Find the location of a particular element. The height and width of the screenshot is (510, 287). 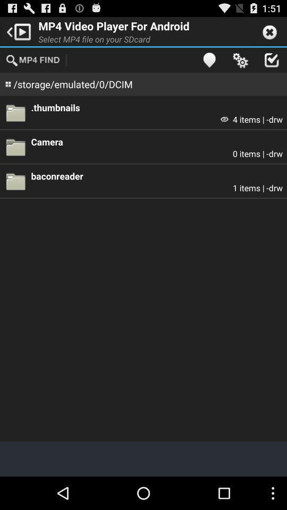

the icon above the storage emulated 0 icon is located at coordinates (33, 59).